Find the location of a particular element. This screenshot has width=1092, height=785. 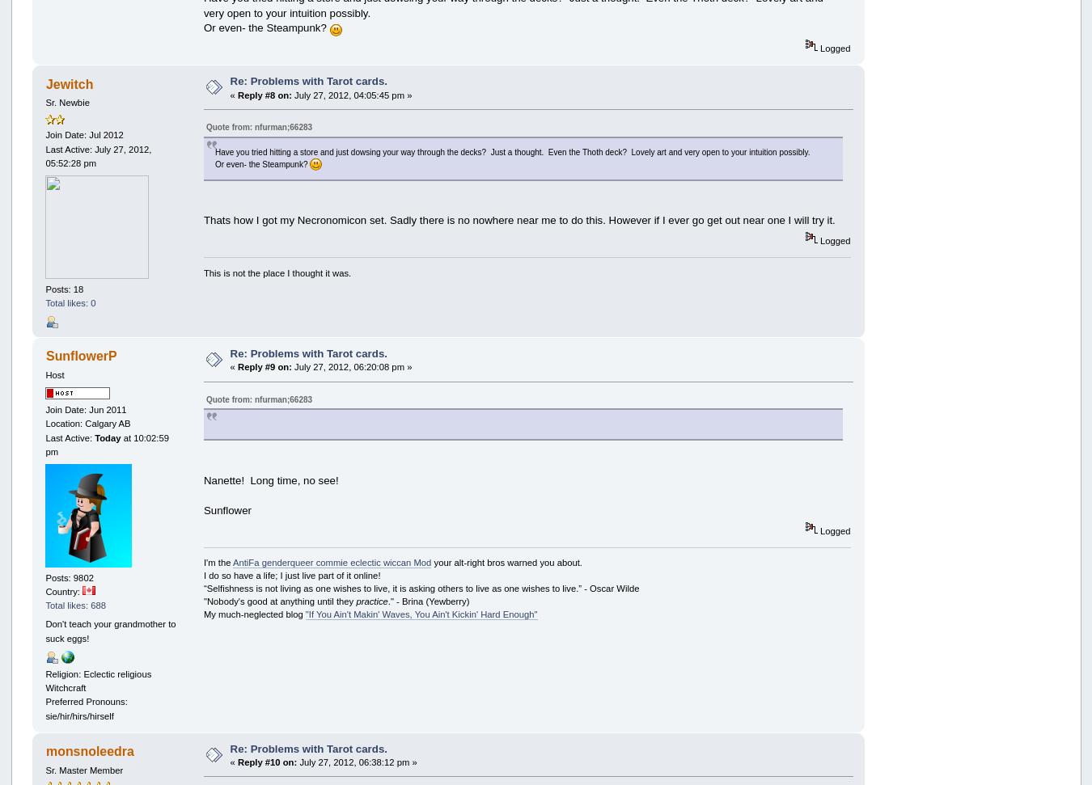

'Have you tried hitting a store and just dowsing your way through the decks?  Just a thought.  Even the Thoth deck?  Lovely art and very open to your intuition possibly.' is located at coordinates (512, 150).